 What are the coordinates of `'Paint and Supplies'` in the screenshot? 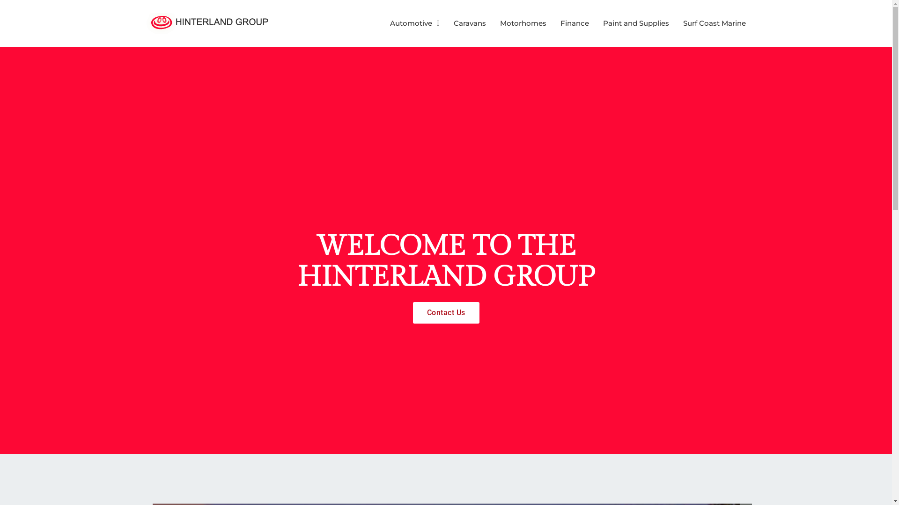 It's located at (636, 23).